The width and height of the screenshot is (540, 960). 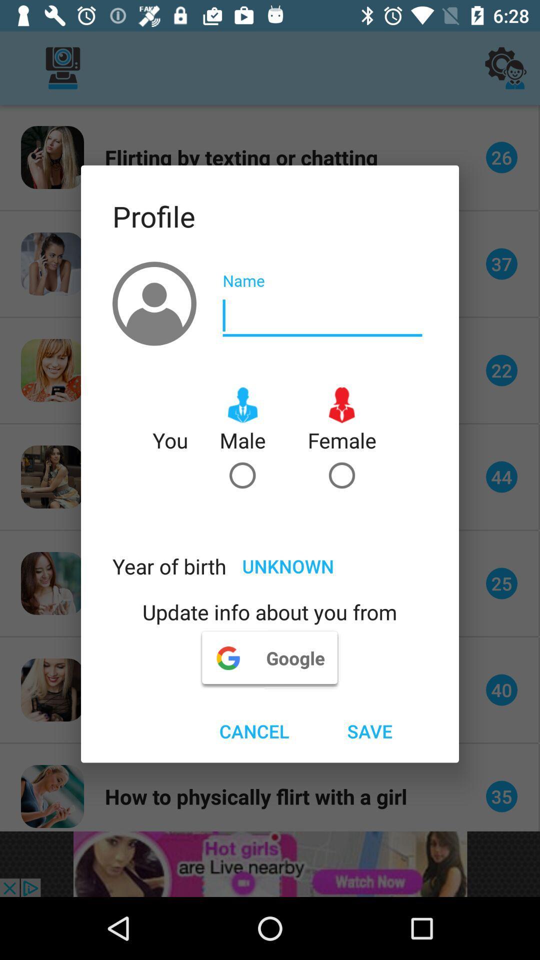 I want to click on name, so click(x=322, y=315).